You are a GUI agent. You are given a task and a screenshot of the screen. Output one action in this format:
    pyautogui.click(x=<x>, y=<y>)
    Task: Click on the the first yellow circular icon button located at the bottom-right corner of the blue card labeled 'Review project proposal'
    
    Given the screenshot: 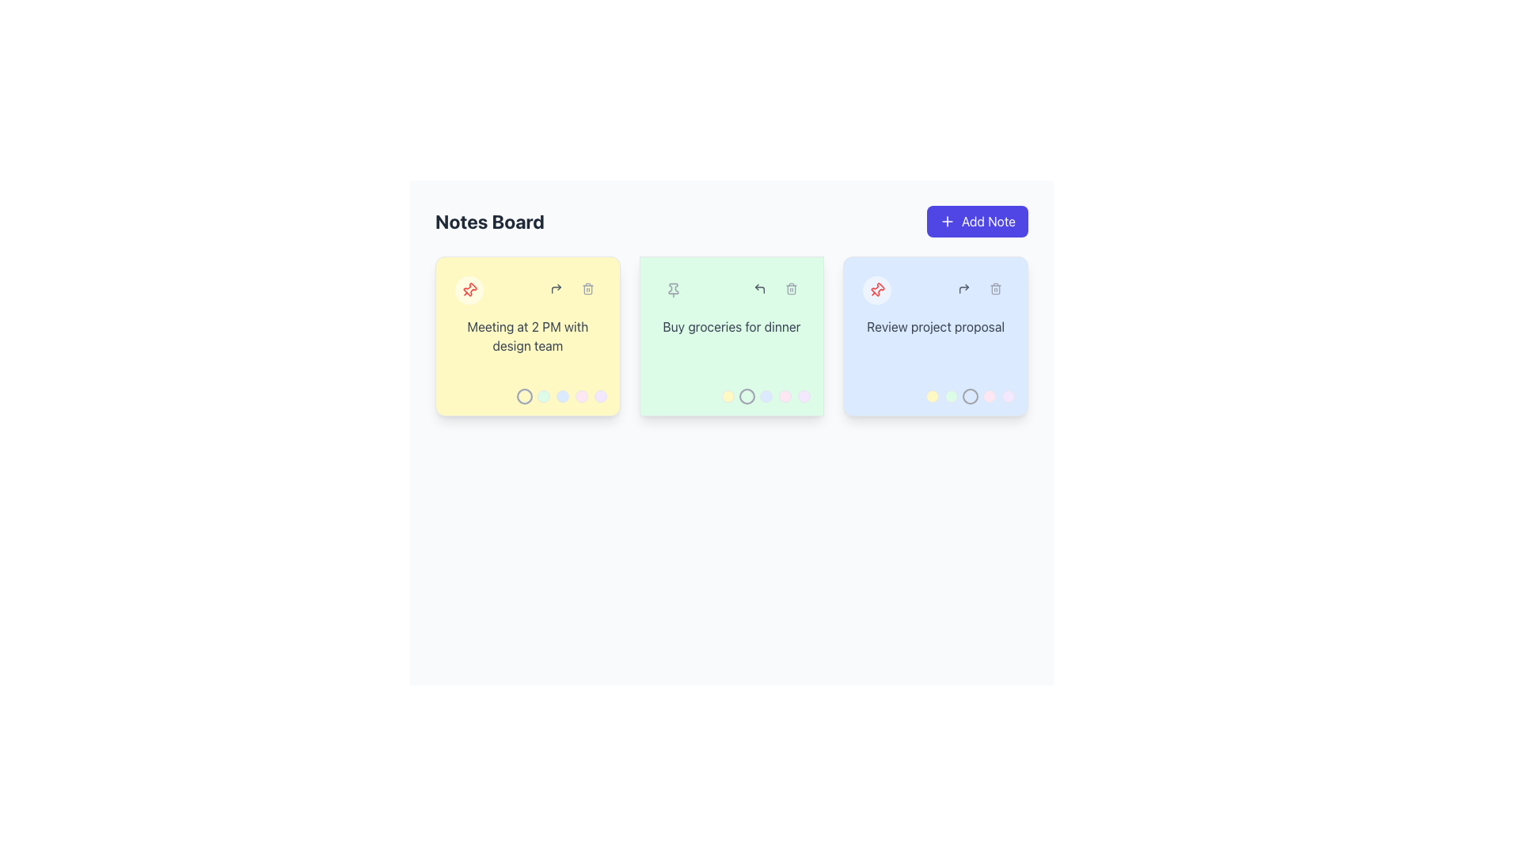 What is the action you would take?
    pyautogui.click(x=932, y=396)
    